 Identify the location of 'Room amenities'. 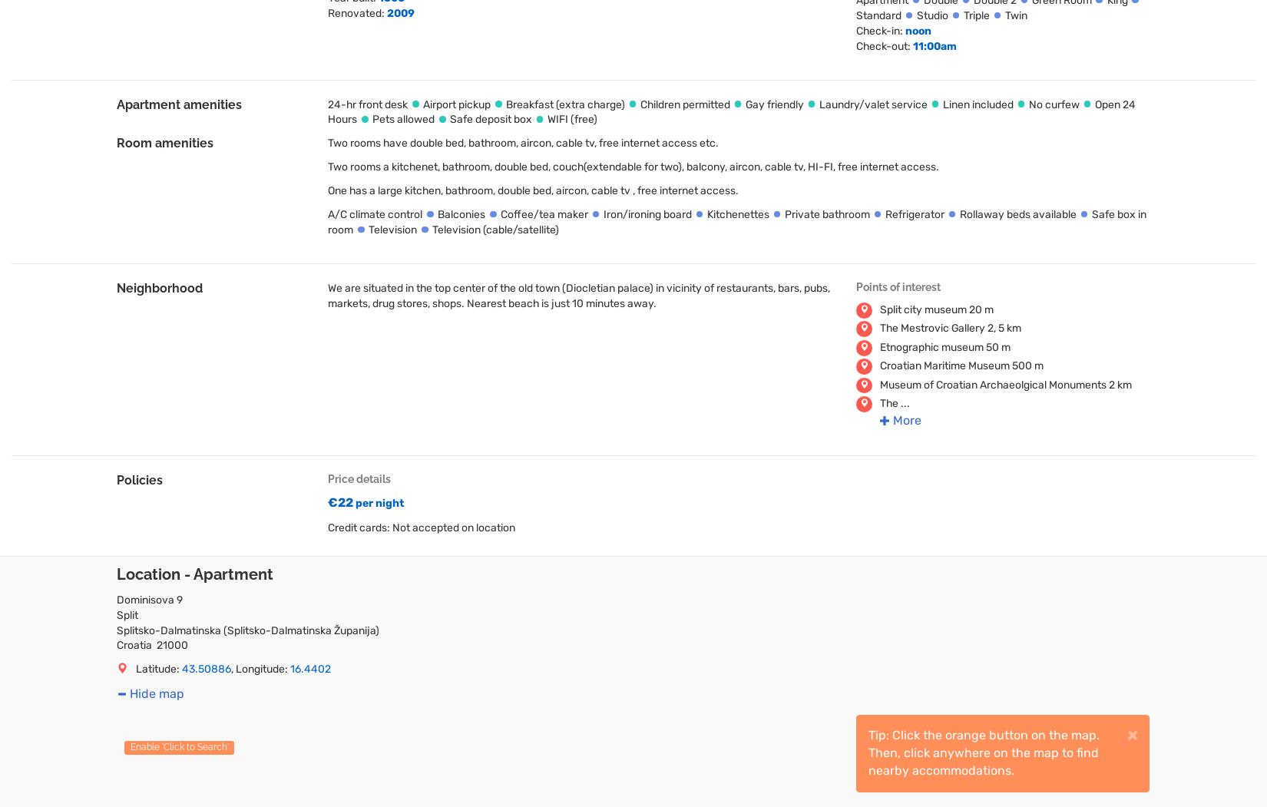
(164, 143).